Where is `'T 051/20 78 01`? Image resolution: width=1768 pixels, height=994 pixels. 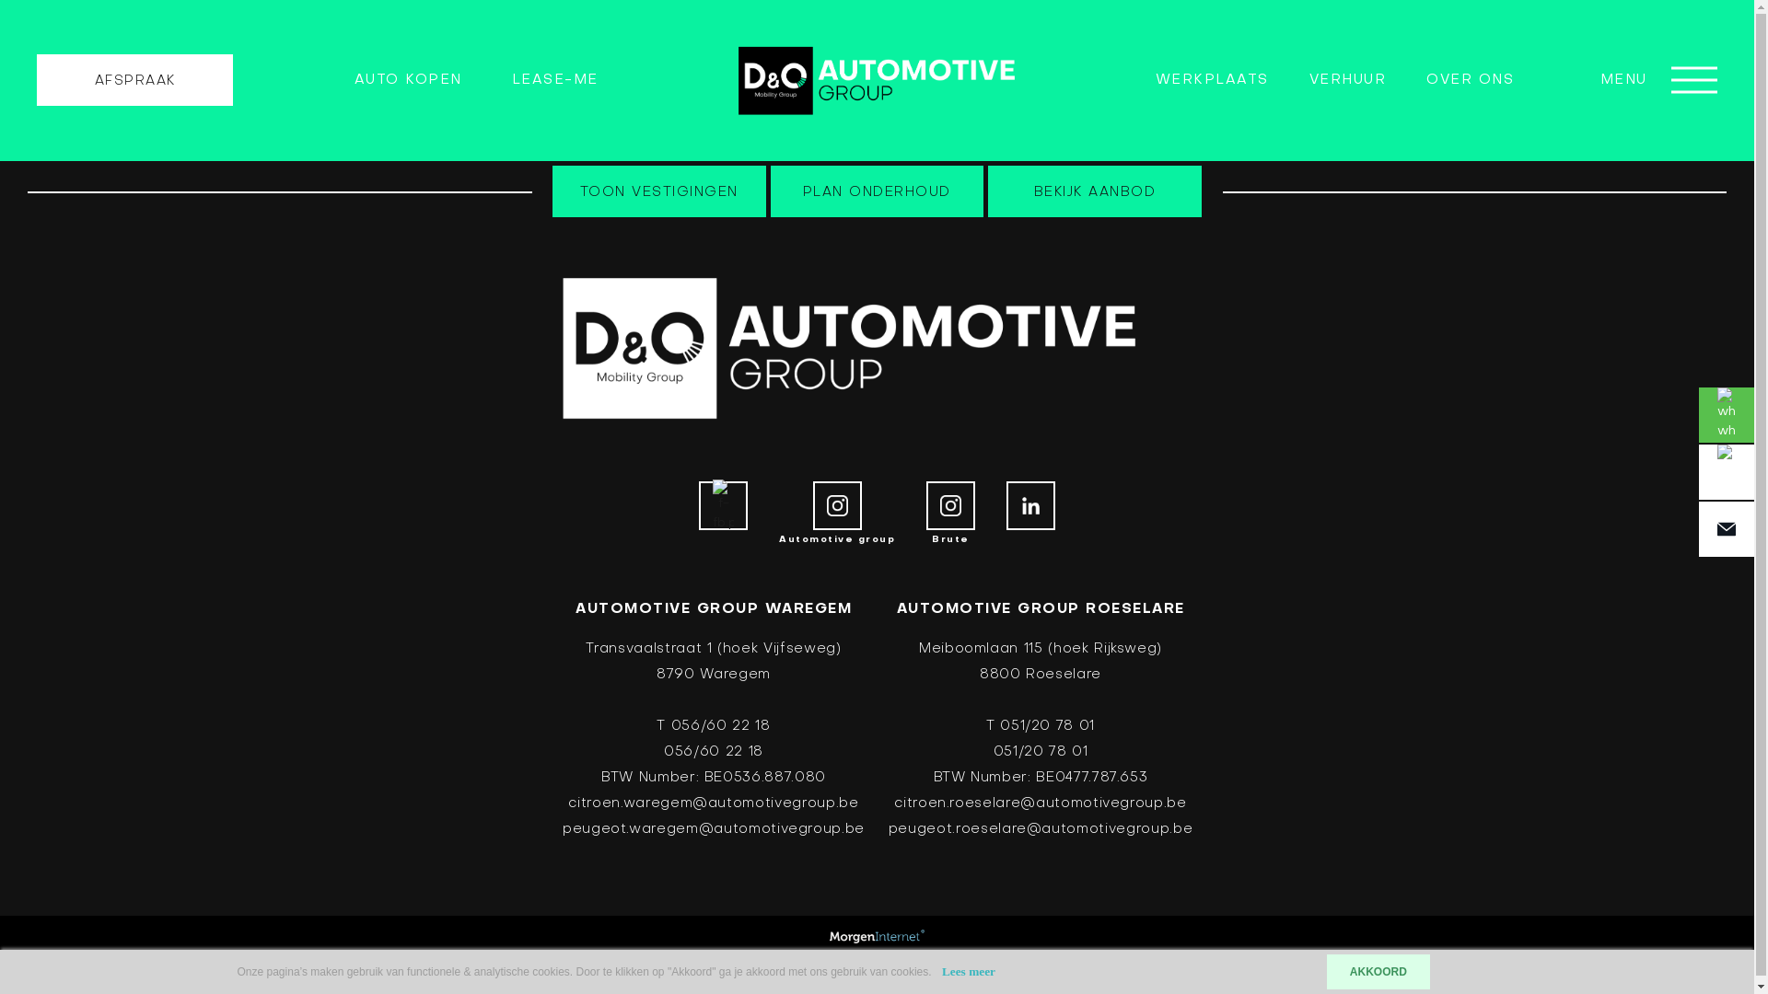 'T 051/20 78 01 is located at coordinates (1040, 737).